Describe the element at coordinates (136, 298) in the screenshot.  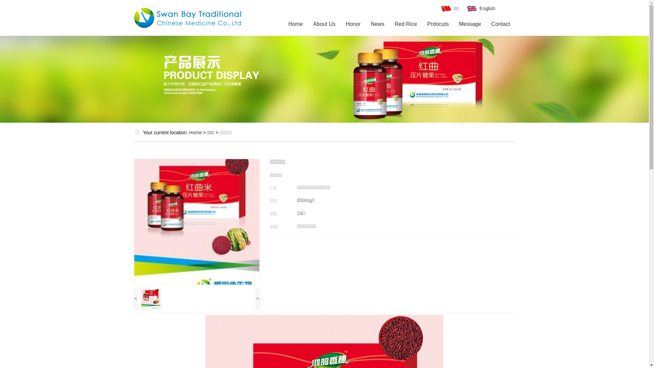
I see `'<'` at that location.